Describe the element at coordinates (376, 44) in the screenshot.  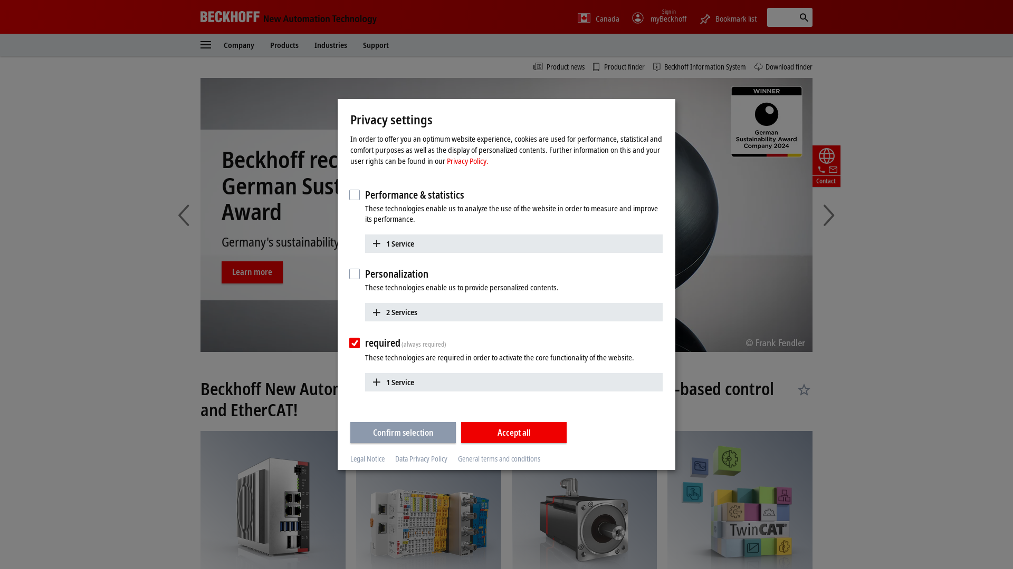
I see `'Support'` at that location.